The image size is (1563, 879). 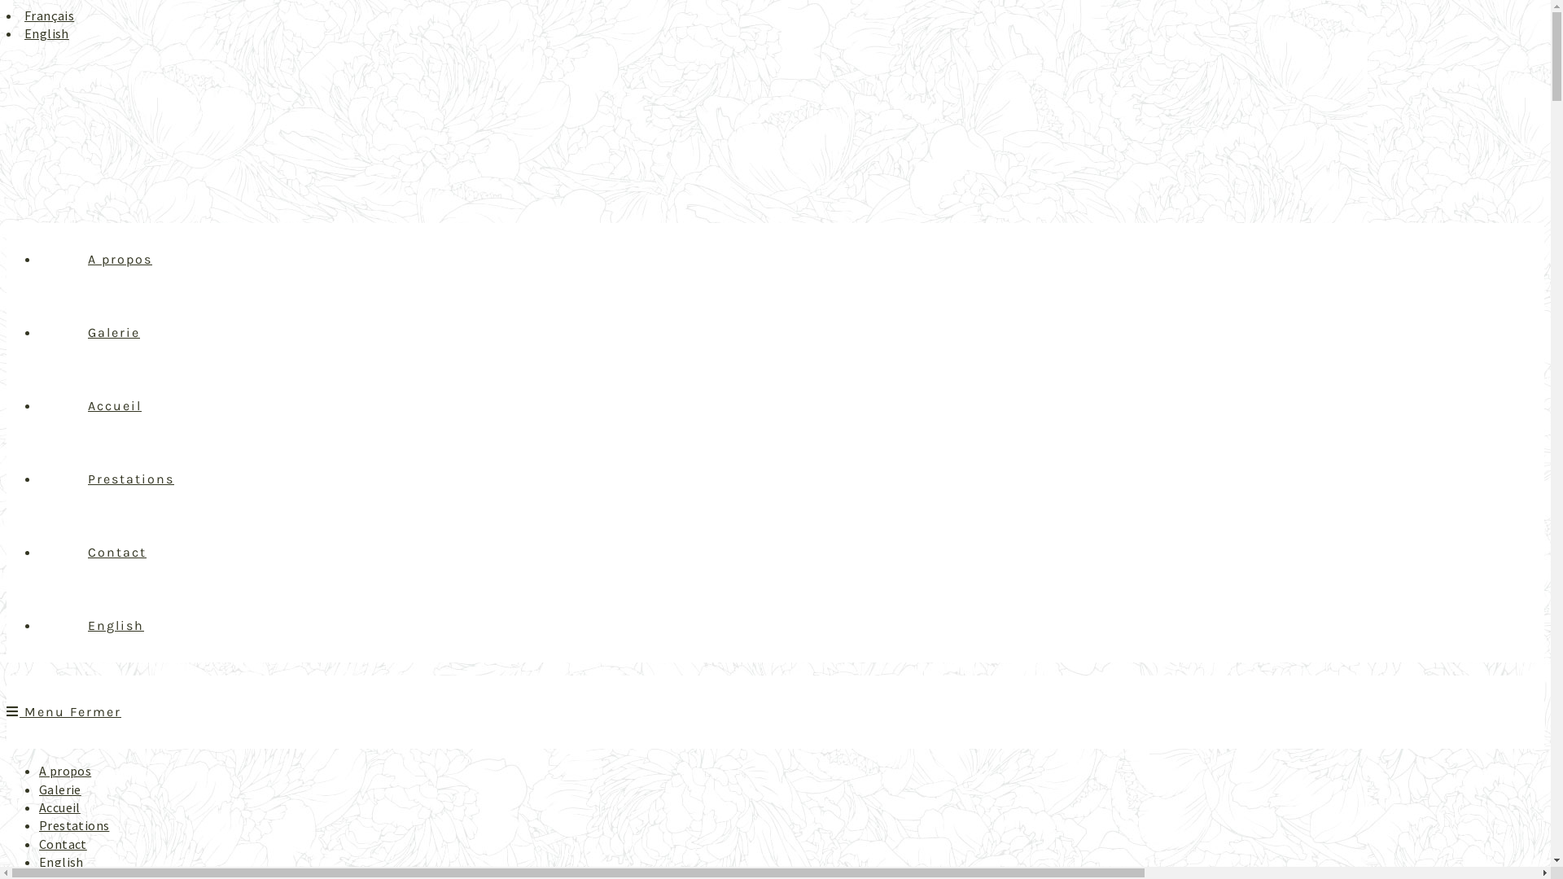 What do you see at coordinates (116, 551) in the screenshot?
I see `'Contact'` at bounding box center [116, 551].